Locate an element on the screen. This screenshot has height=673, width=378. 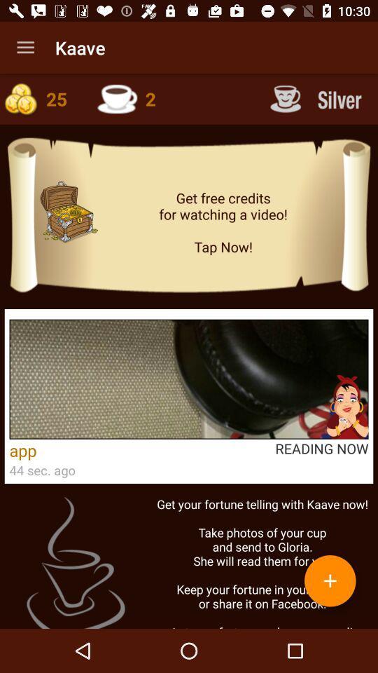
item below kaave icon is located at coordinates (135, 98).